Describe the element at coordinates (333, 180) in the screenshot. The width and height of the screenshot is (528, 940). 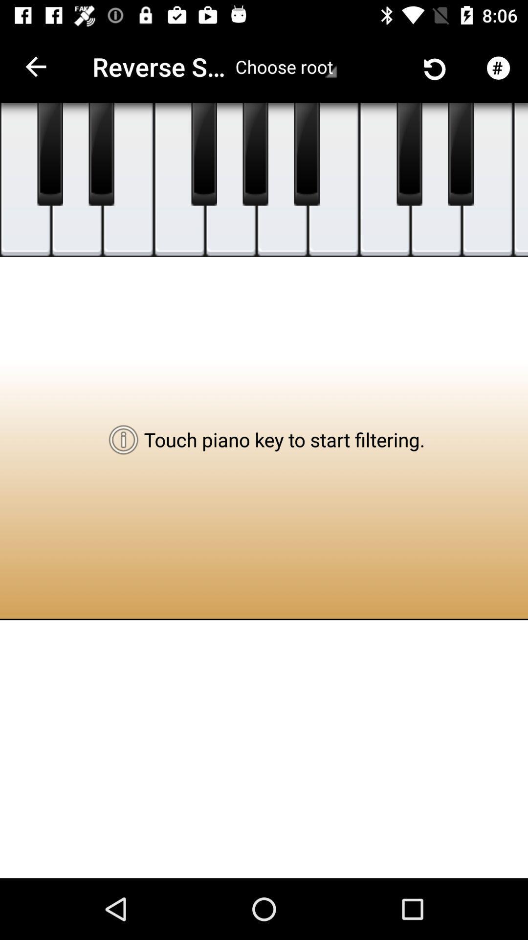
I see `touch this key` at that location.